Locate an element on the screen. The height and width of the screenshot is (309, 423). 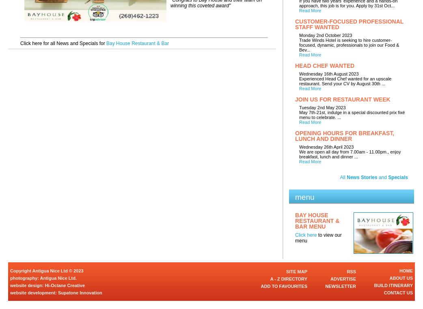
'Hi-Octane Creative' is located at coordinates (65, 285).